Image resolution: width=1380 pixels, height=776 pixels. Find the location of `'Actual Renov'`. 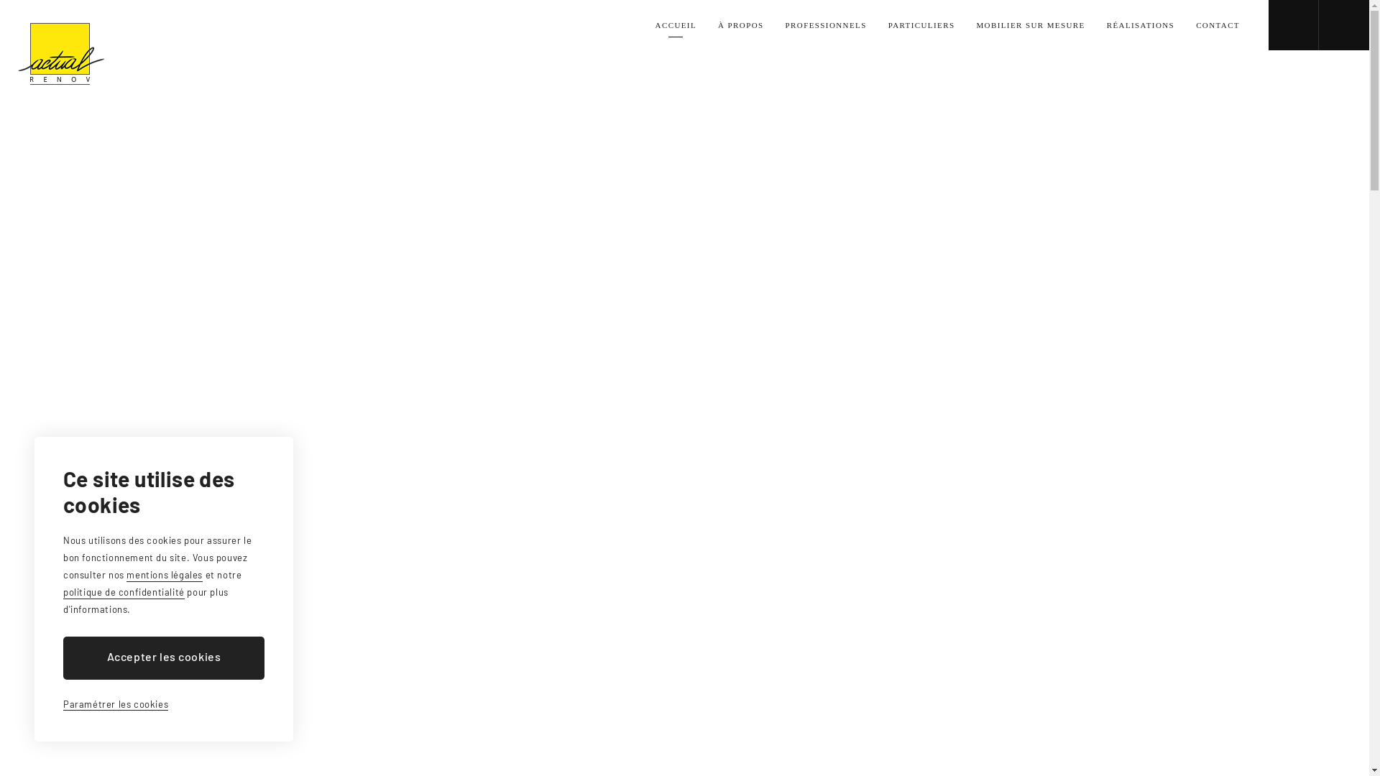

'Actual Renov' is located at coordinates (60, 52).